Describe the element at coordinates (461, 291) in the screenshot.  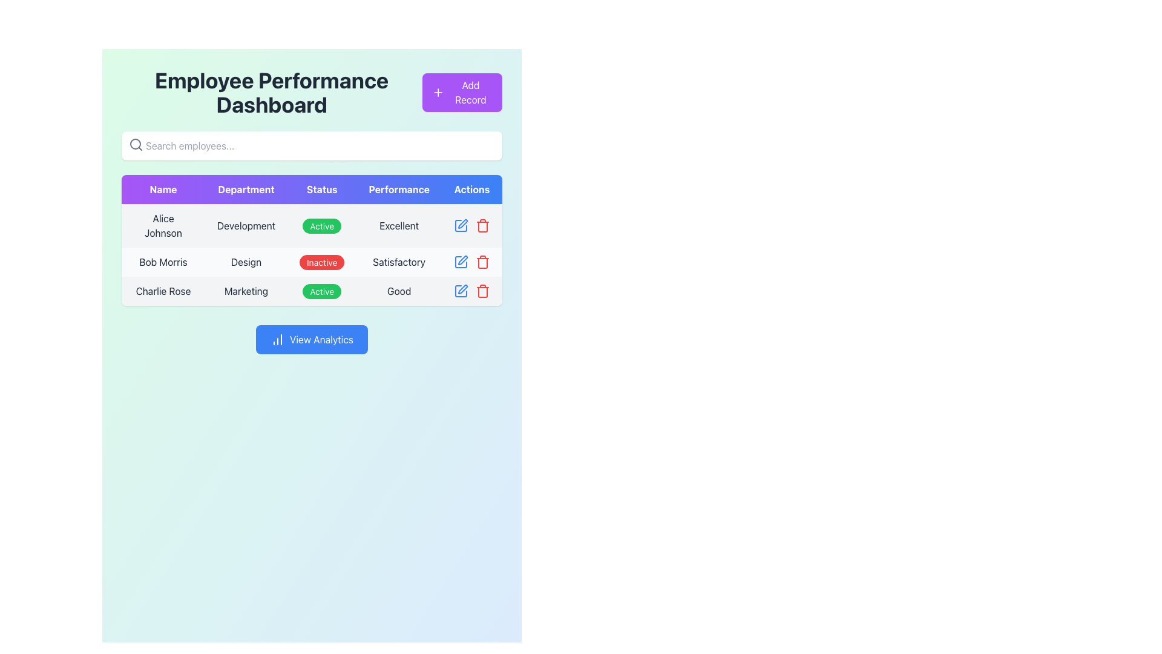
I see `the editing icon button in the actions column of the row for 'Charlie Rose, Marketing, Active, Good' to get more information` at that location.